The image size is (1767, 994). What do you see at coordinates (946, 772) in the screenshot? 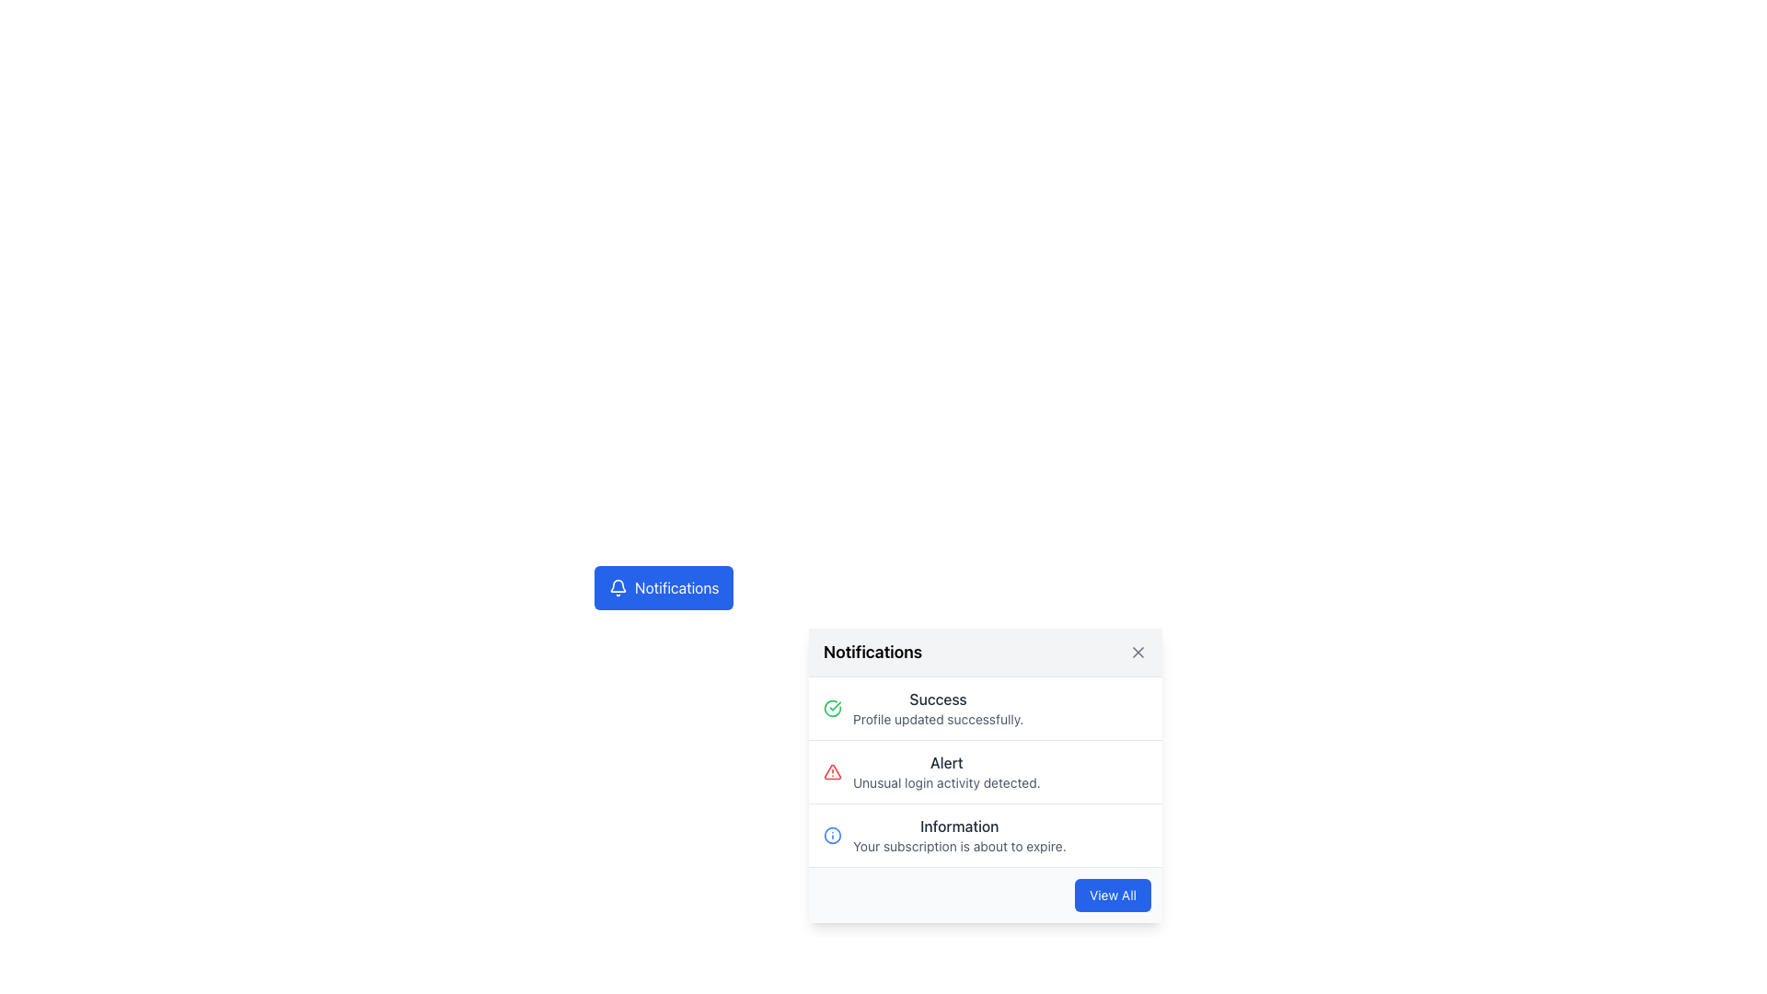
I see `alert message from the second entry in the notification dropdown, which indicates unusual login activity detected and is labeled 'Alert'` at bounding box center [946, 772].